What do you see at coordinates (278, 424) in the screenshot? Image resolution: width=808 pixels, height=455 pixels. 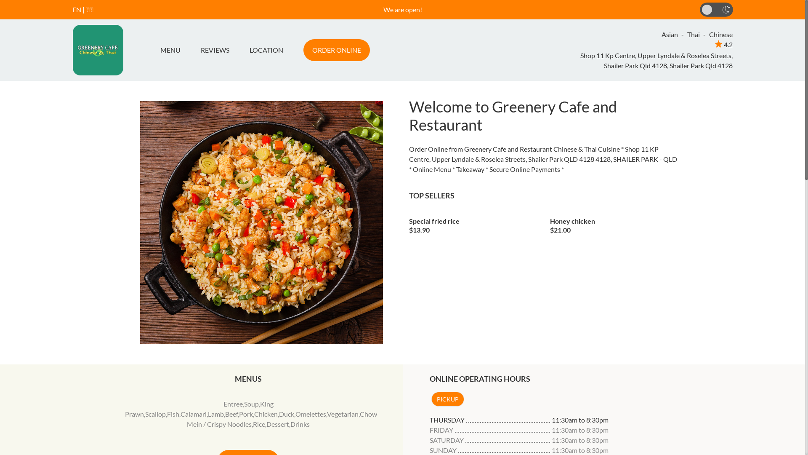 I see `'Dessert'` at bounding box center [278, 424].